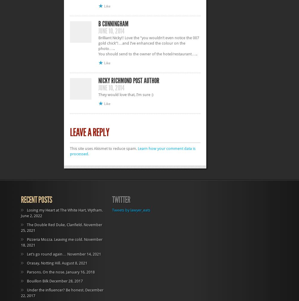 The height and width of the screenshot is (301, 299). What do you see at coordinates (89, 132) in the screenshot?
I see `'Leave a Reply'` at bounding box center [89, 132].